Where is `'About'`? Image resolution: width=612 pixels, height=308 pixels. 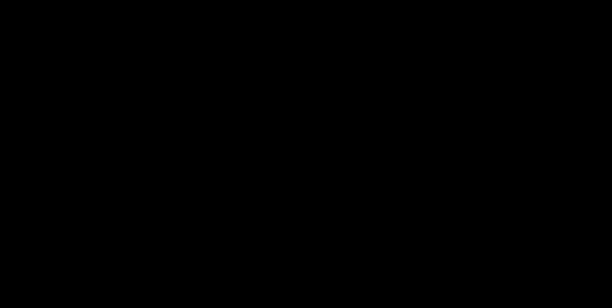
'About' is located at coordinates (514, 20).